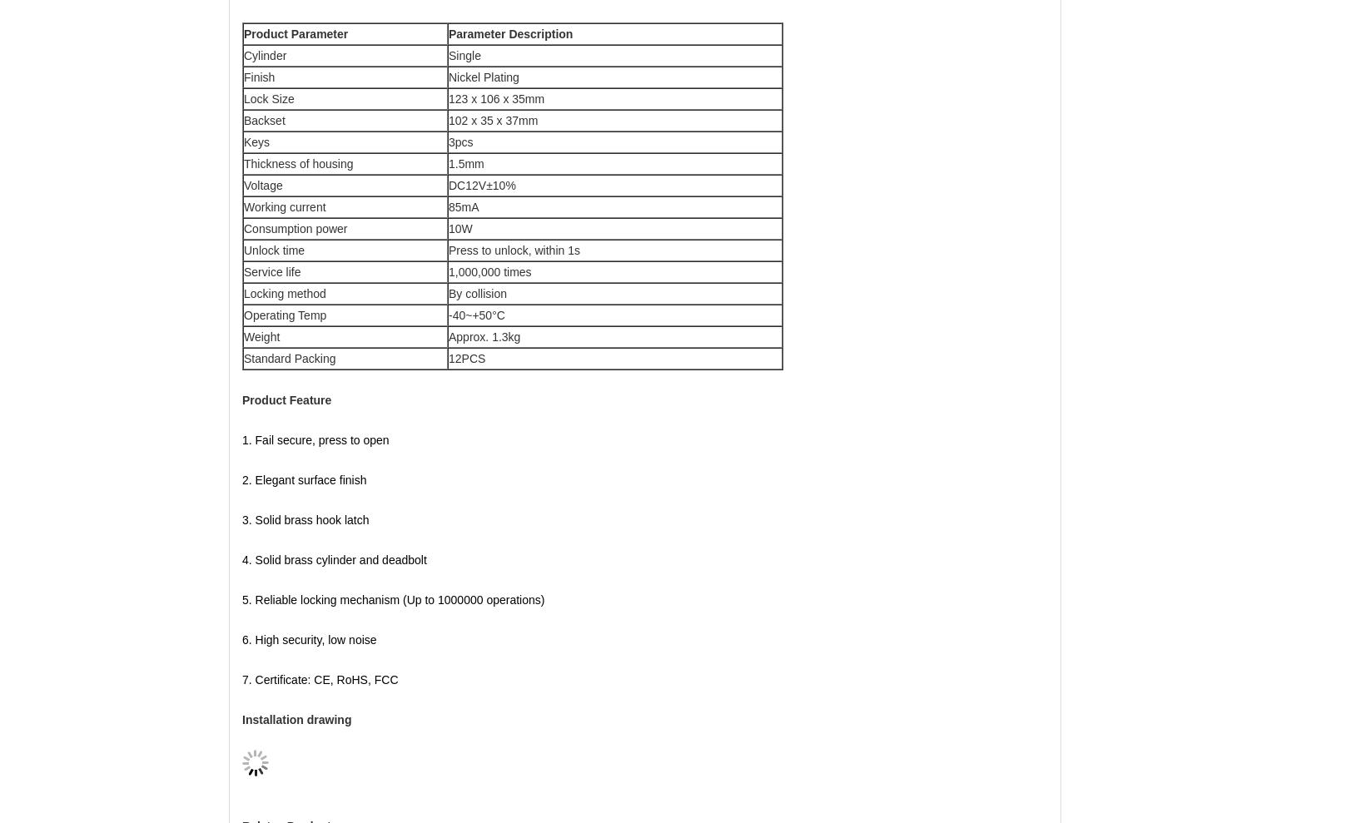  What do you see at coordinates (264, 55) in the screenshot?
I see `'Cylinder'` at bounding box center [264, 55].